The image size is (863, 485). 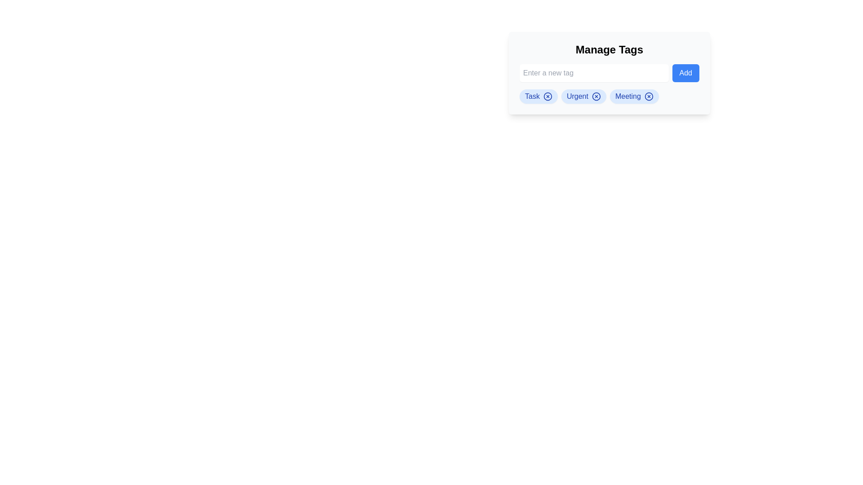 What do you see at coordinates (627, 97) in the screenshot?
I see `the third tag in the series of category tags located below the input field` at bounding box center [627, 97].